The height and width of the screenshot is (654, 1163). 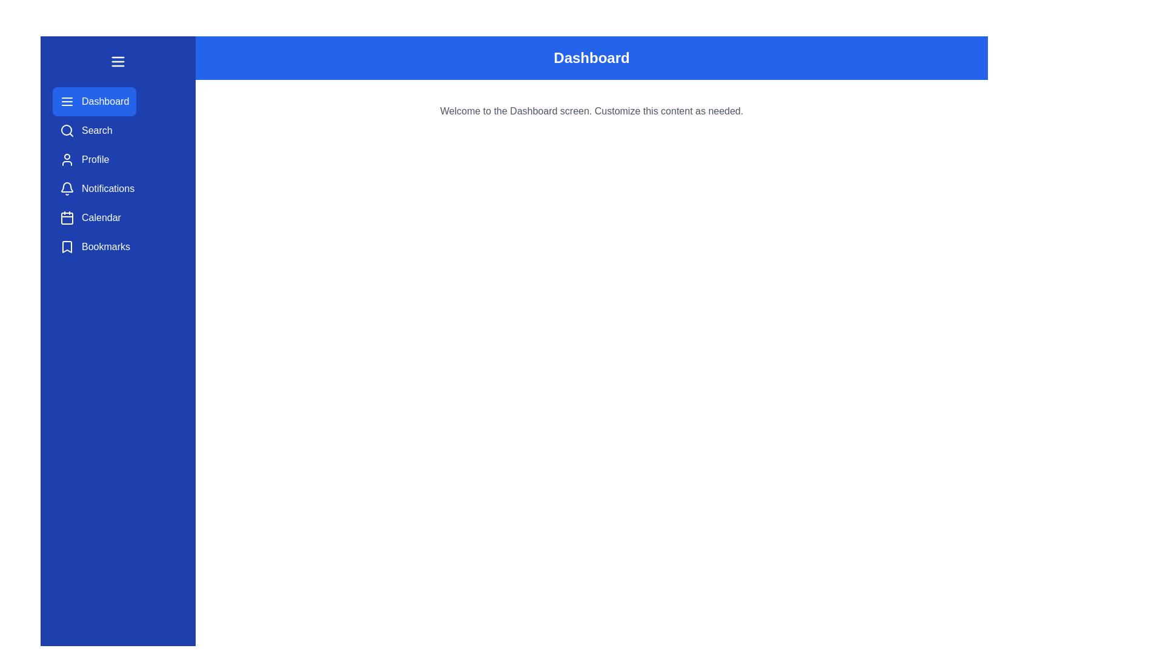 I want to click on the Interactive menu item that navigates to the Profile section, positioned as the third item in the vertical navigation menu, so click(x=84, y=159).